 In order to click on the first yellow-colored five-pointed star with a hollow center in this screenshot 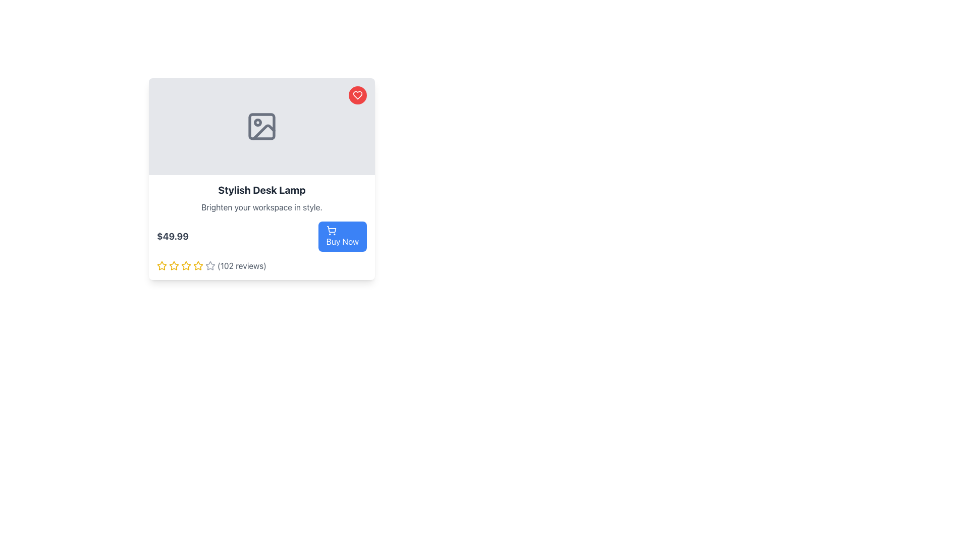, I will do `click(174, 265)`.